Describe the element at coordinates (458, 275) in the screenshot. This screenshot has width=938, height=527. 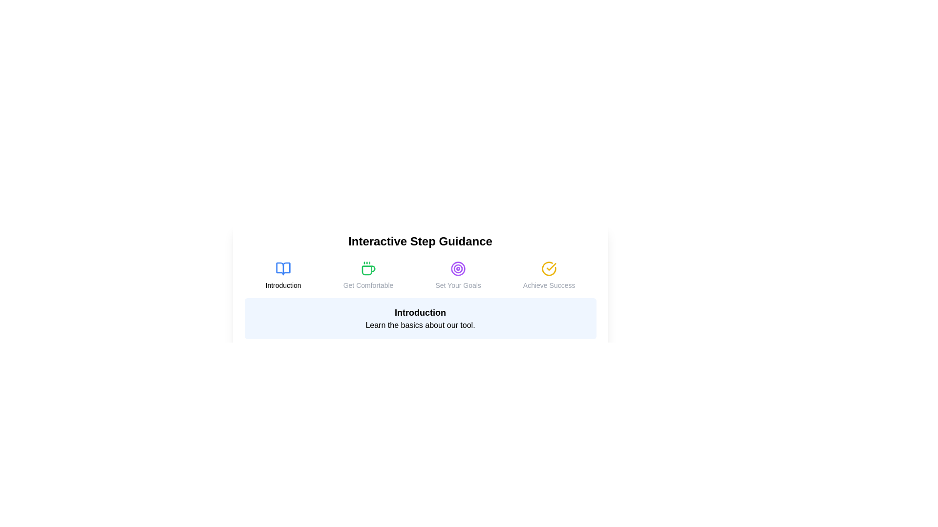
I see `the button with a circular purple target icon and the label 'Set Your Goals', located centrally in the top half of the interface` at that location.